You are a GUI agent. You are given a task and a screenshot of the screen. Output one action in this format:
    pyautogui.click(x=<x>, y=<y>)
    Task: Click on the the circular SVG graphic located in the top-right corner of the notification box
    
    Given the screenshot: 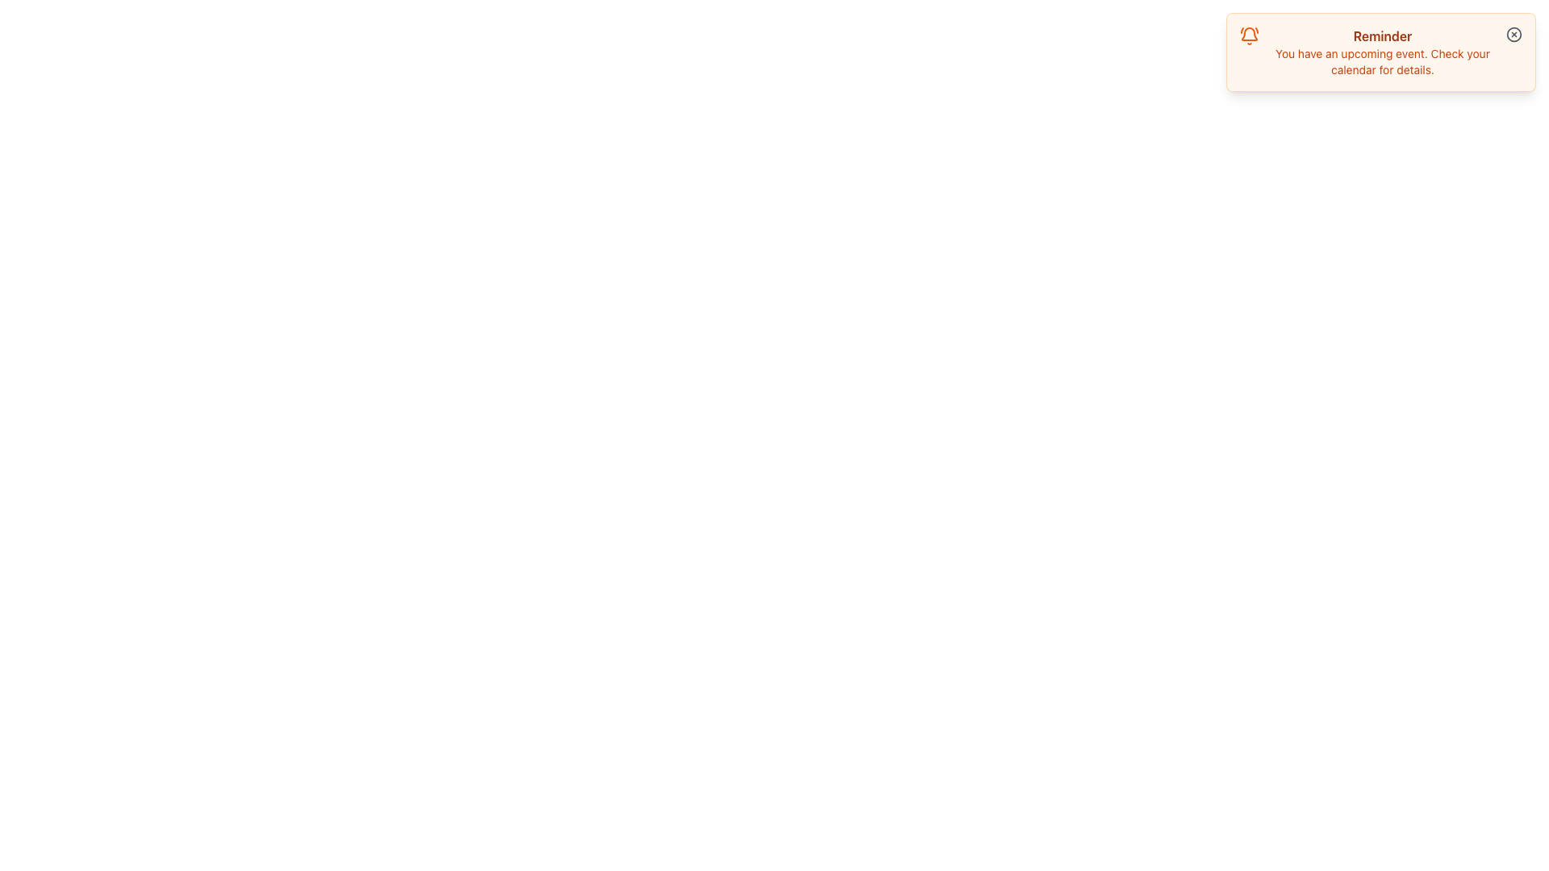 What is the action you would take?
    pyautogui.click(x=1513, y=34)
    